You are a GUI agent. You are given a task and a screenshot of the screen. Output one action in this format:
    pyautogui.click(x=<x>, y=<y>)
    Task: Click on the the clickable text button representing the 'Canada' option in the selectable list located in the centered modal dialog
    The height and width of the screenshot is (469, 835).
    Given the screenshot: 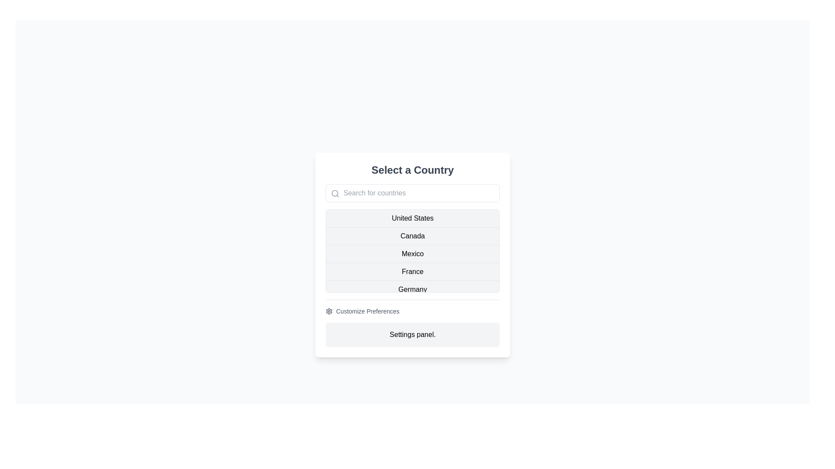 What is the action you would take?
    pyautogui.click(x=412, y=236)
    